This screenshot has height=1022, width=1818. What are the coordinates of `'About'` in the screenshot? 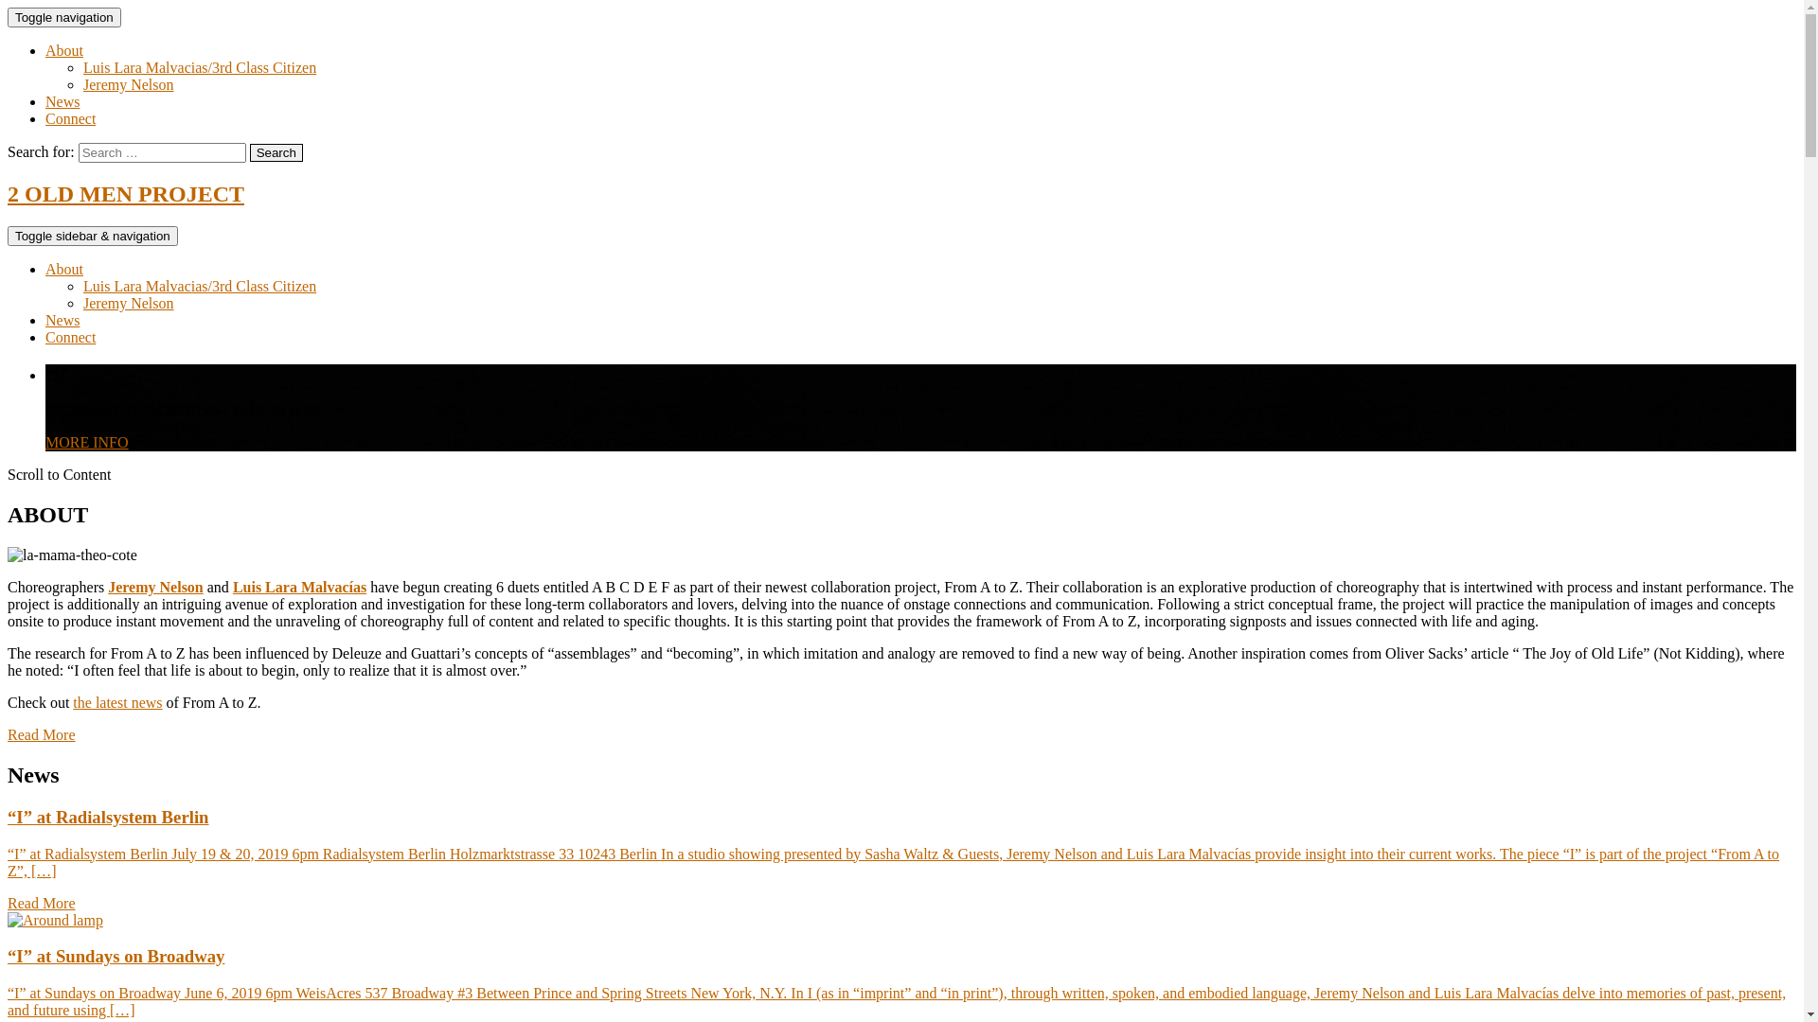 It's located at (63, 49).